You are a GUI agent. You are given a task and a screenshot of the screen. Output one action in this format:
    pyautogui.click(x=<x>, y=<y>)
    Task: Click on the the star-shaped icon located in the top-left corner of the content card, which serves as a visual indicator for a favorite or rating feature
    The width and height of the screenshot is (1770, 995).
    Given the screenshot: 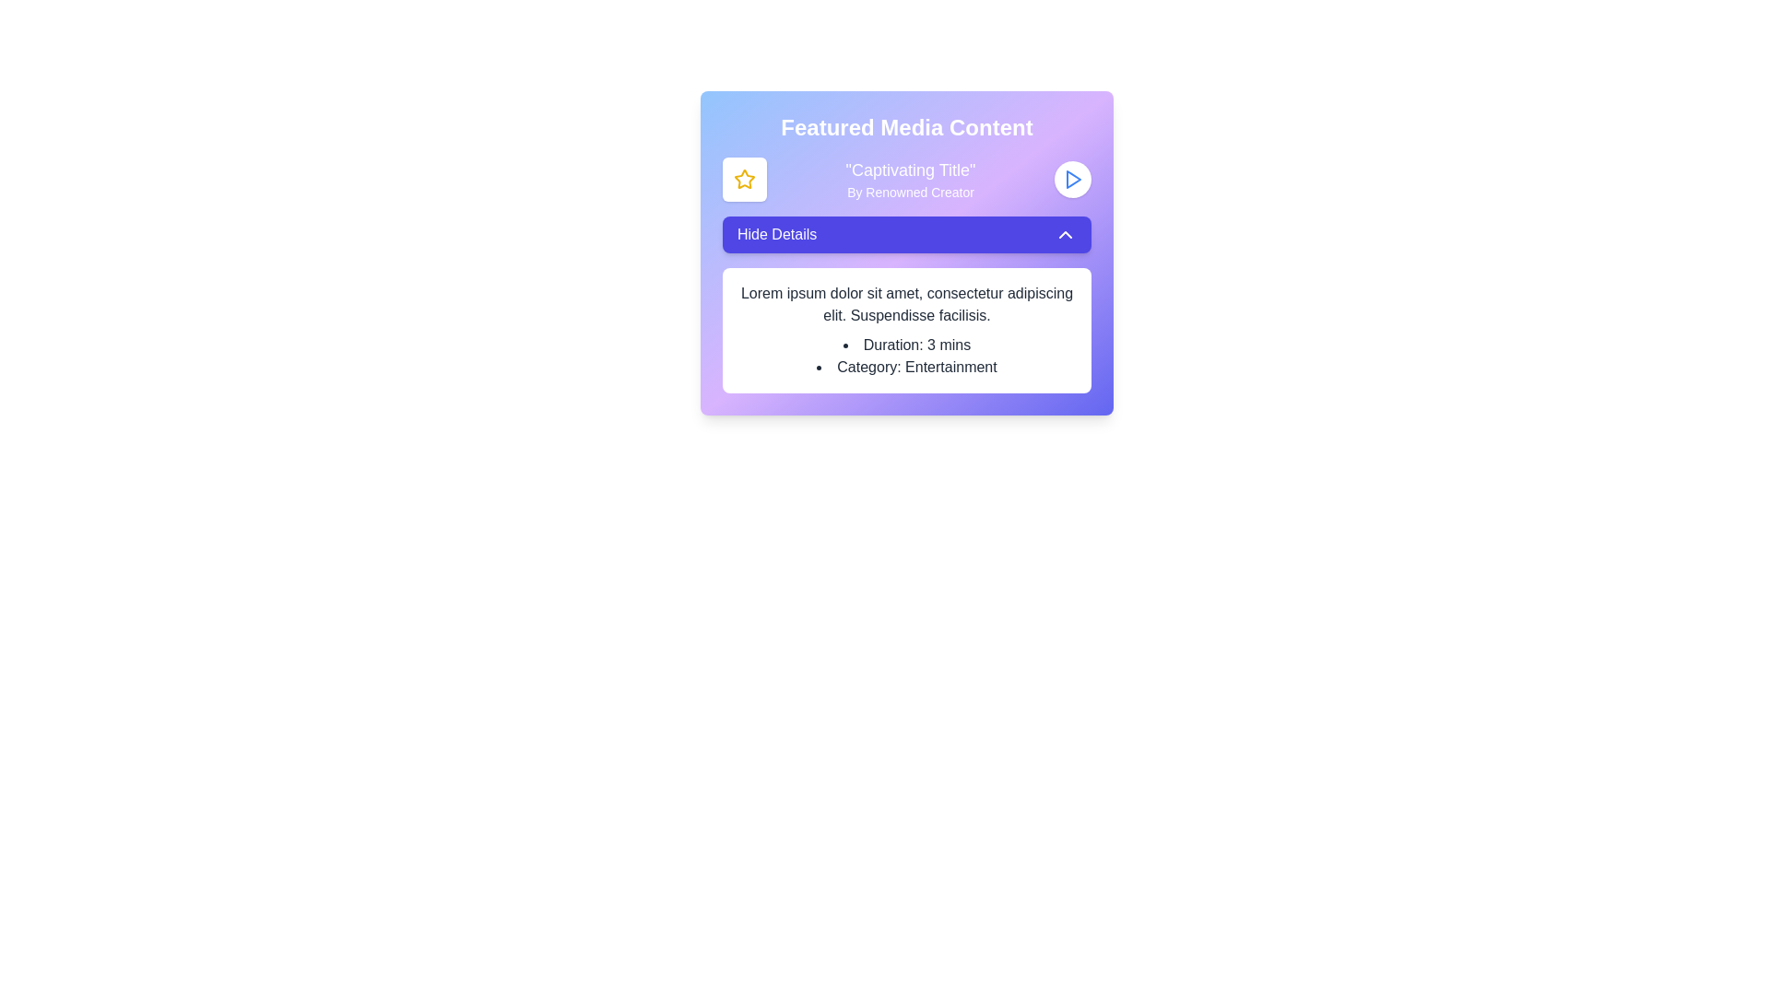 What is the action you would take?
    pyautogui.click(x=744, y=179)
    